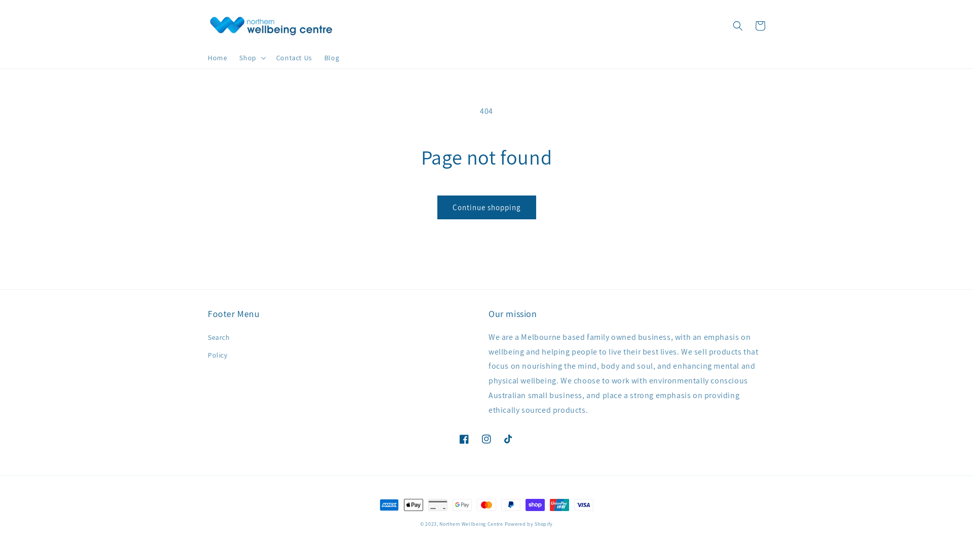 The height and width of the screenshot is (547, 973). I want to click on 'Home', so click(216, 57).